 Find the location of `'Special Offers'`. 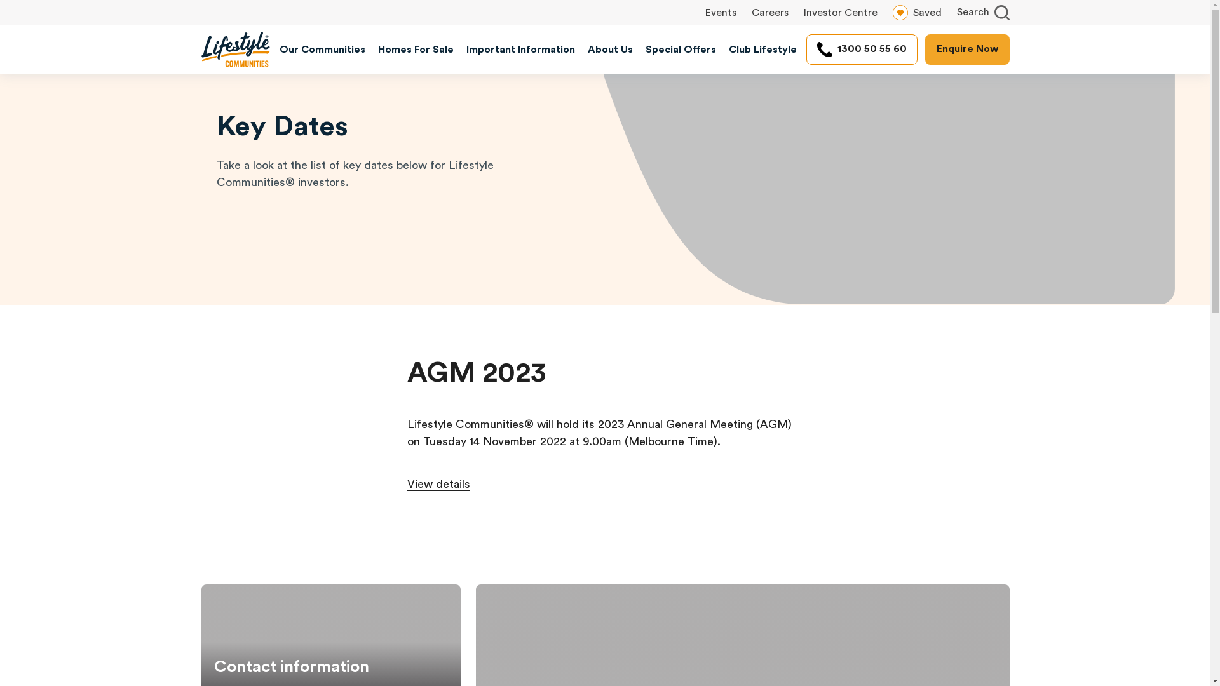

'Special Offers' is located at coordinates (680, 48).